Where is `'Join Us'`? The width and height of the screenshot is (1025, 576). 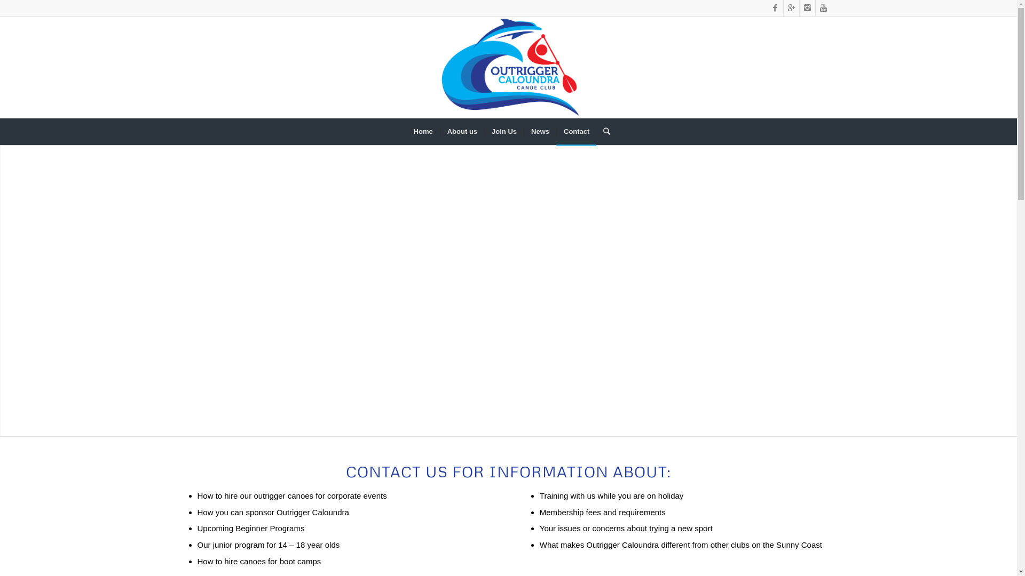
'Join Us' is located at coordinates (503, 131).